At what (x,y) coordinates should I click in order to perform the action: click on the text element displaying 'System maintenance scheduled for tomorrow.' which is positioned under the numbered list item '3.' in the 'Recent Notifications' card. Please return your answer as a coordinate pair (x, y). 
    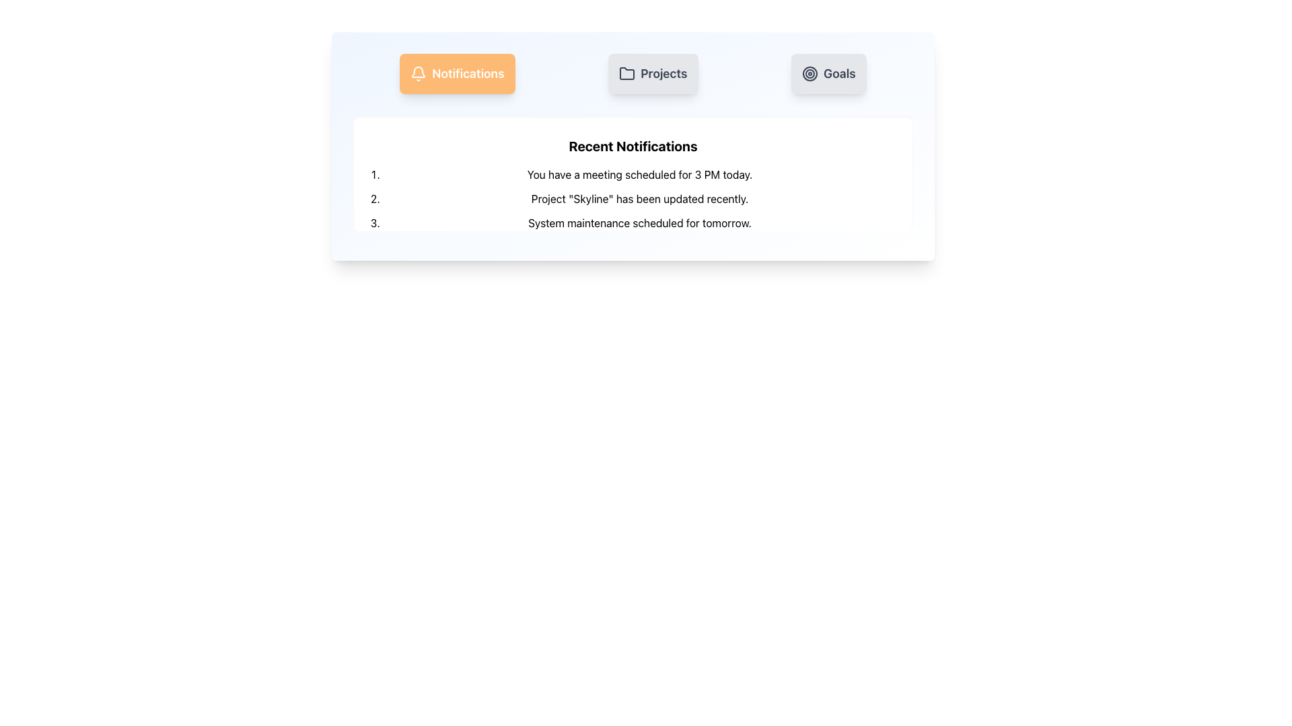
    Looking at the image, I should click on (639, 222).